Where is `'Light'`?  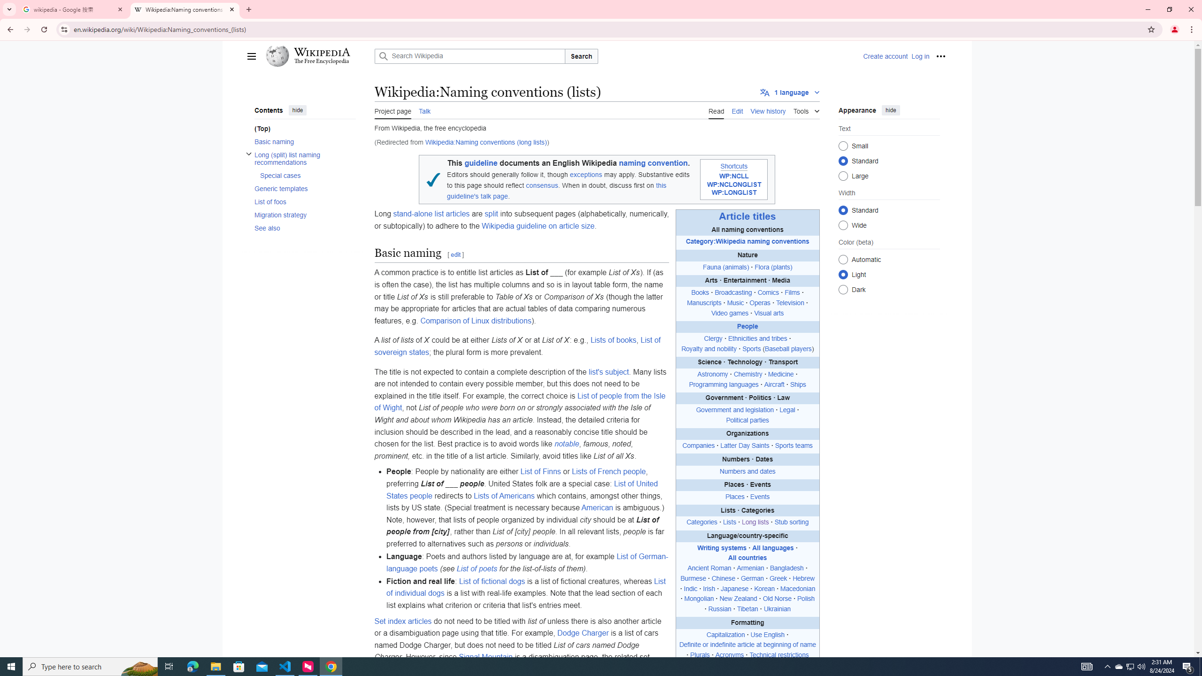 'Light' is located at coordinates (842, 274).